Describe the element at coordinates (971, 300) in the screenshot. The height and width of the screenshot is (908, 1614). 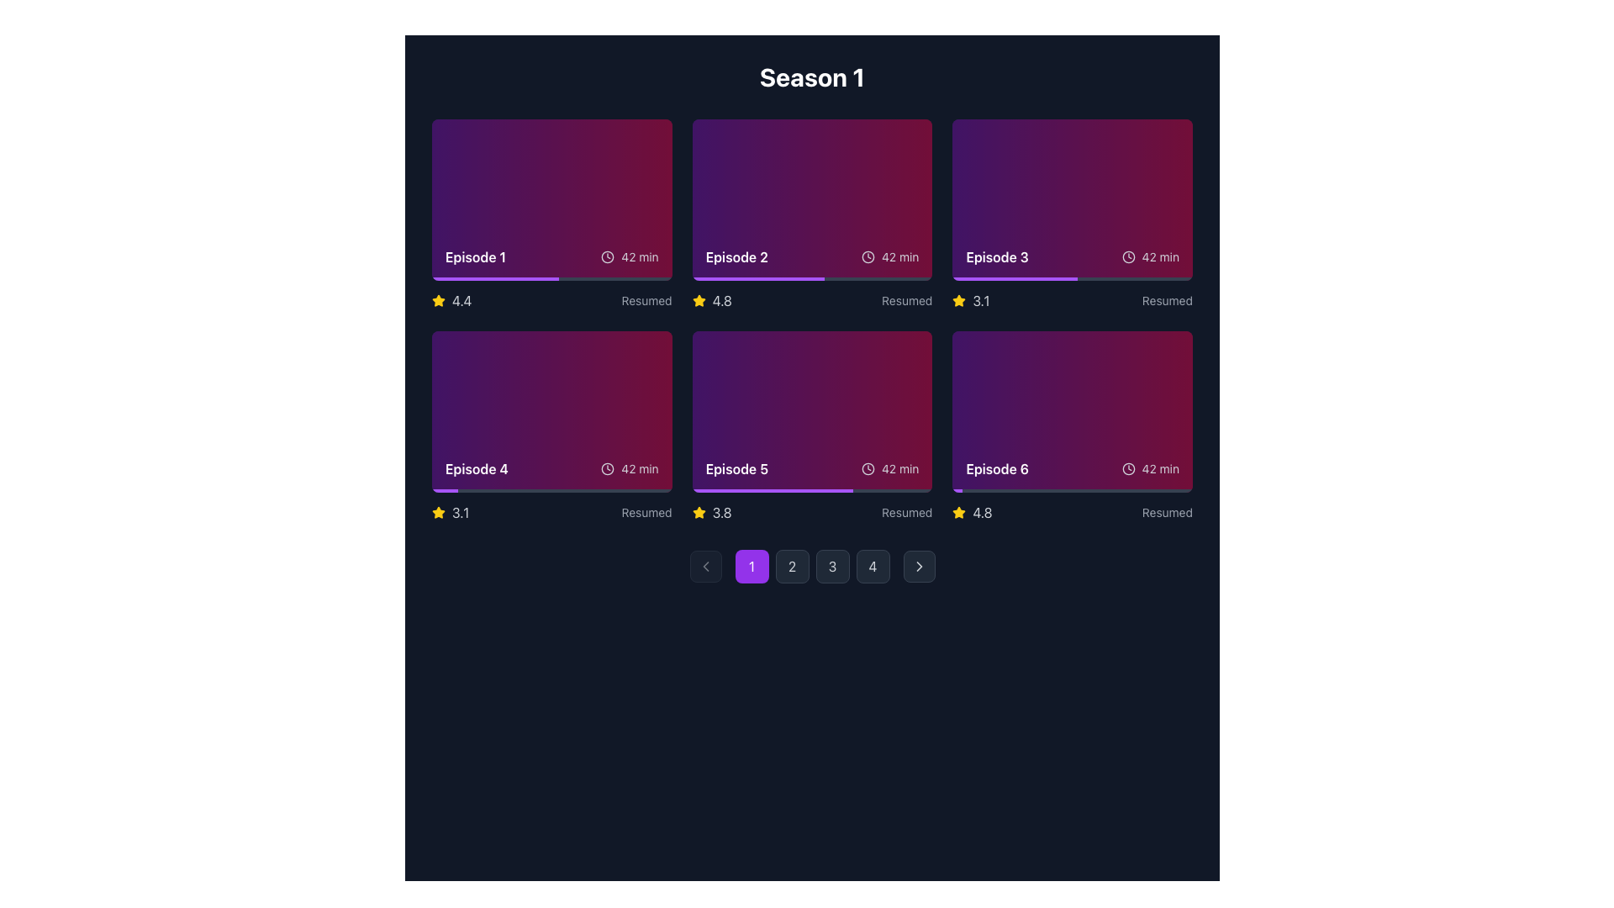
I see `the Rating indicator, which consists of a yellow star icon on the left and the text '3.1' on the right, located at the bottom-right section of the third card in the grid layout of episodes` at that location.